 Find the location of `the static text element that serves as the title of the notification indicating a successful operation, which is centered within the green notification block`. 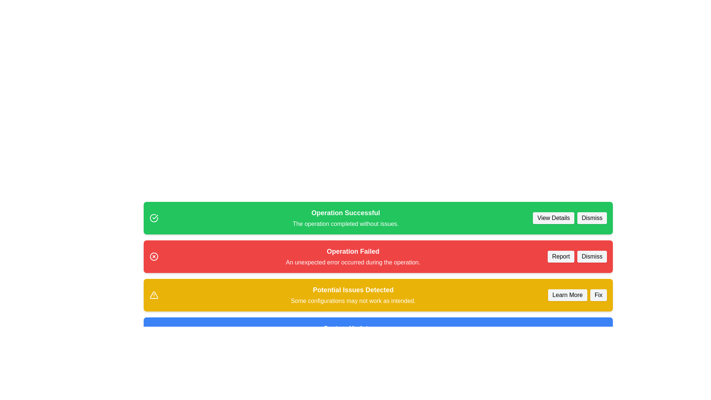

the static text element that serves as the title of the notification indicating a successful operation, which is centered within the green notification block is located at coordinates (345, 213).